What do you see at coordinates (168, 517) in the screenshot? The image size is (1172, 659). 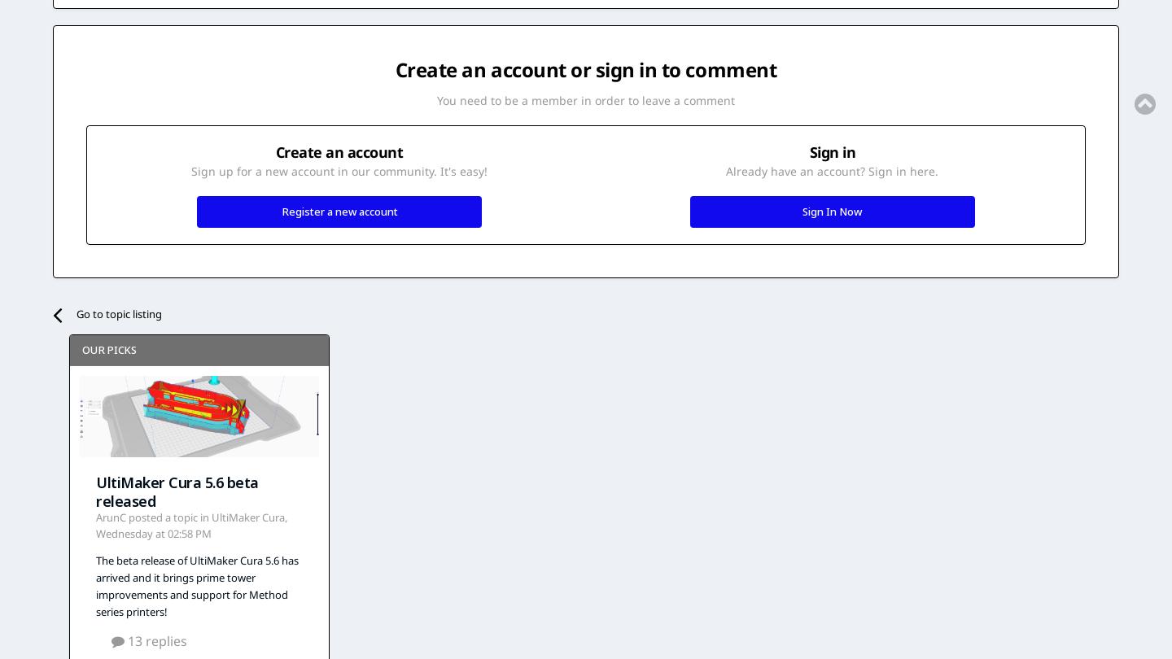 I see `'posted a topic in'` at bounding box center [168, 517].